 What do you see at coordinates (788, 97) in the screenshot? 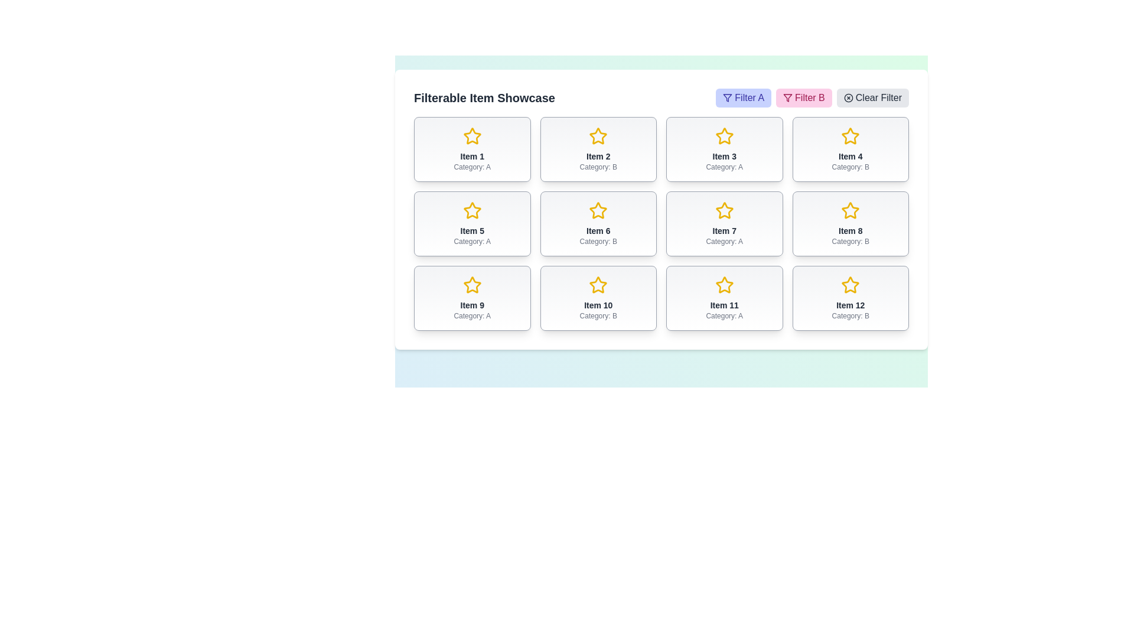
I see `the triangular filter icon located inside the 'Filter B' button in the top-right section of the interface` at bounding box center [788, 97].